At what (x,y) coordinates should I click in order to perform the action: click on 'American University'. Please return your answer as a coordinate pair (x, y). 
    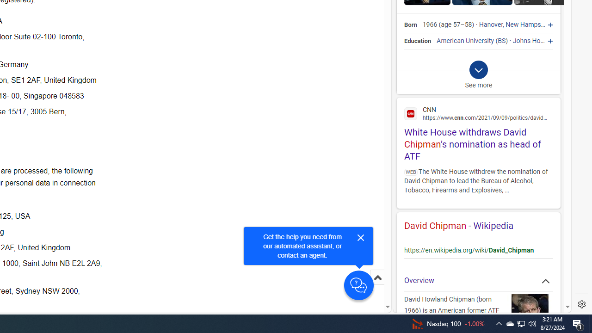
    Looking at the image, I should click on (465, 40).